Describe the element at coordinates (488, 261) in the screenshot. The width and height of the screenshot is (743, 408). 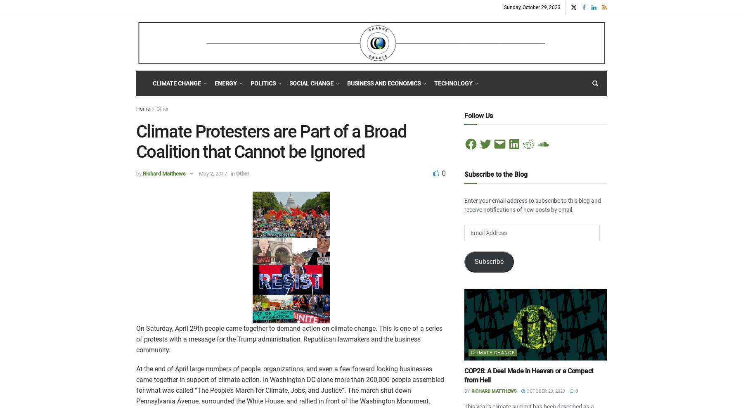
I see `'Subscribe'` at that location.